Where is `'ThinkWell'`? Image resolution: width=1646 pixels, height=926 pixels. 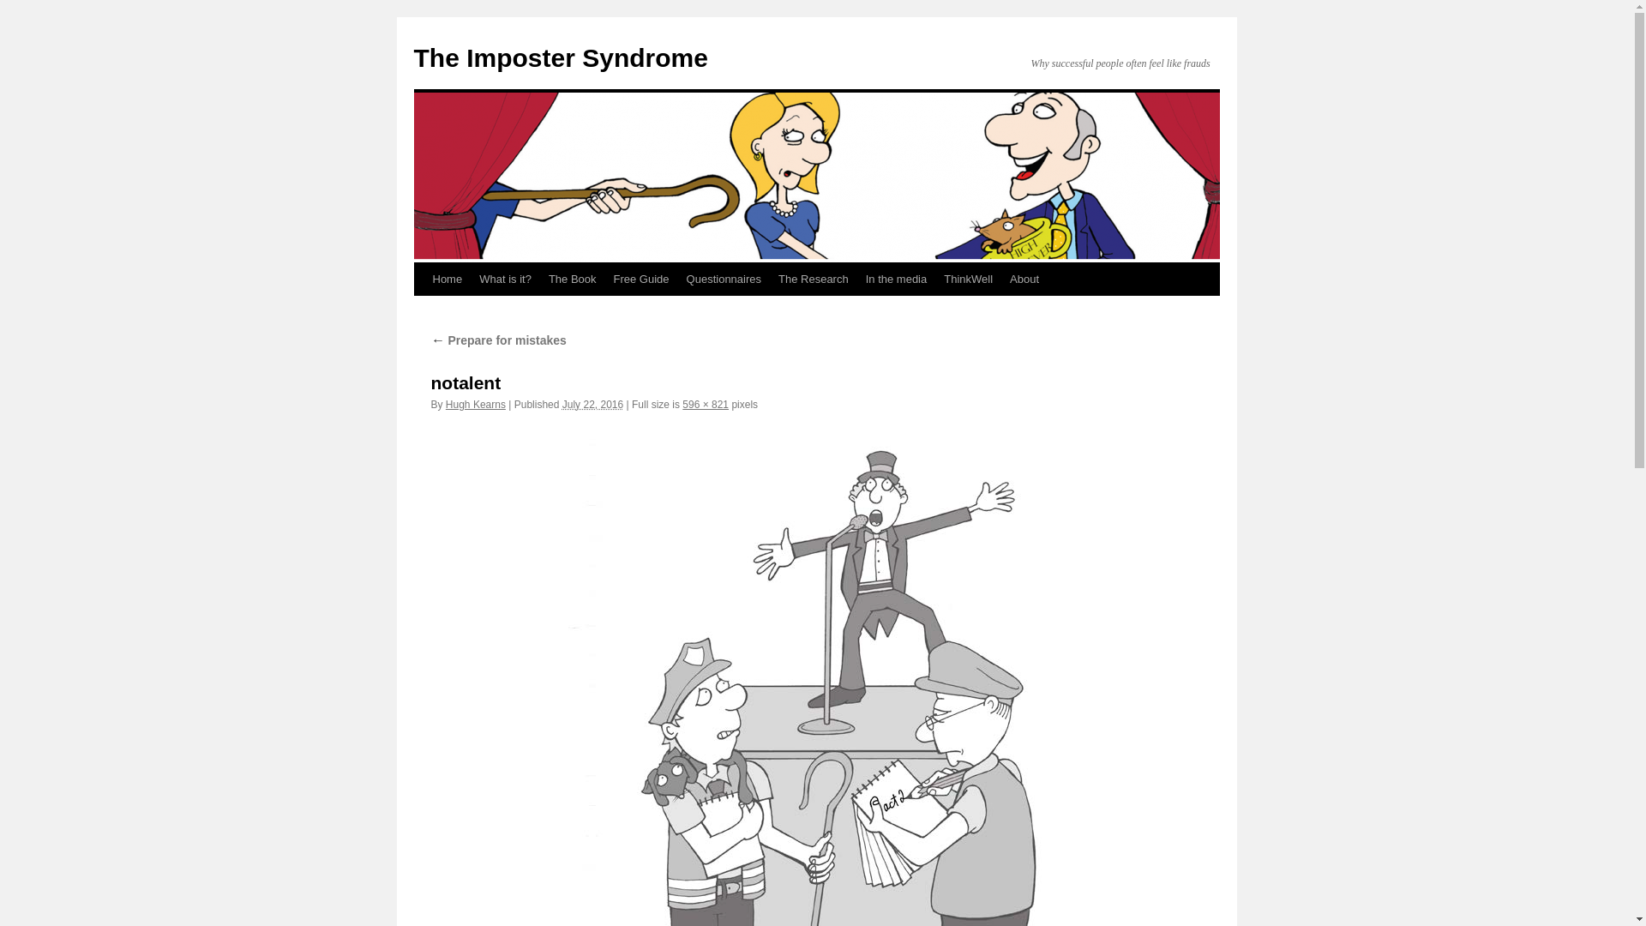
'ThinkWell' is located at coordinates (968, 279).